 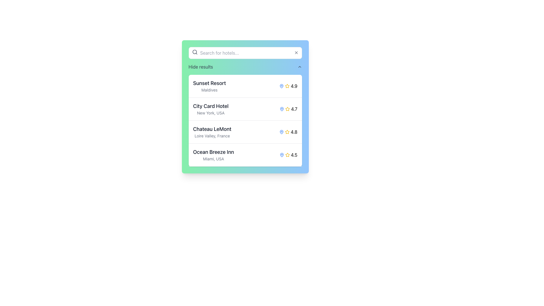 What do you see at coordinates (211, 113) in the screenshot?
I see `the text label displaying 'New York, USA', which is styled in a smaller font size and lighter gray color, located directly beneath 'City Card Hotel'` at bounding box center [211, 113].